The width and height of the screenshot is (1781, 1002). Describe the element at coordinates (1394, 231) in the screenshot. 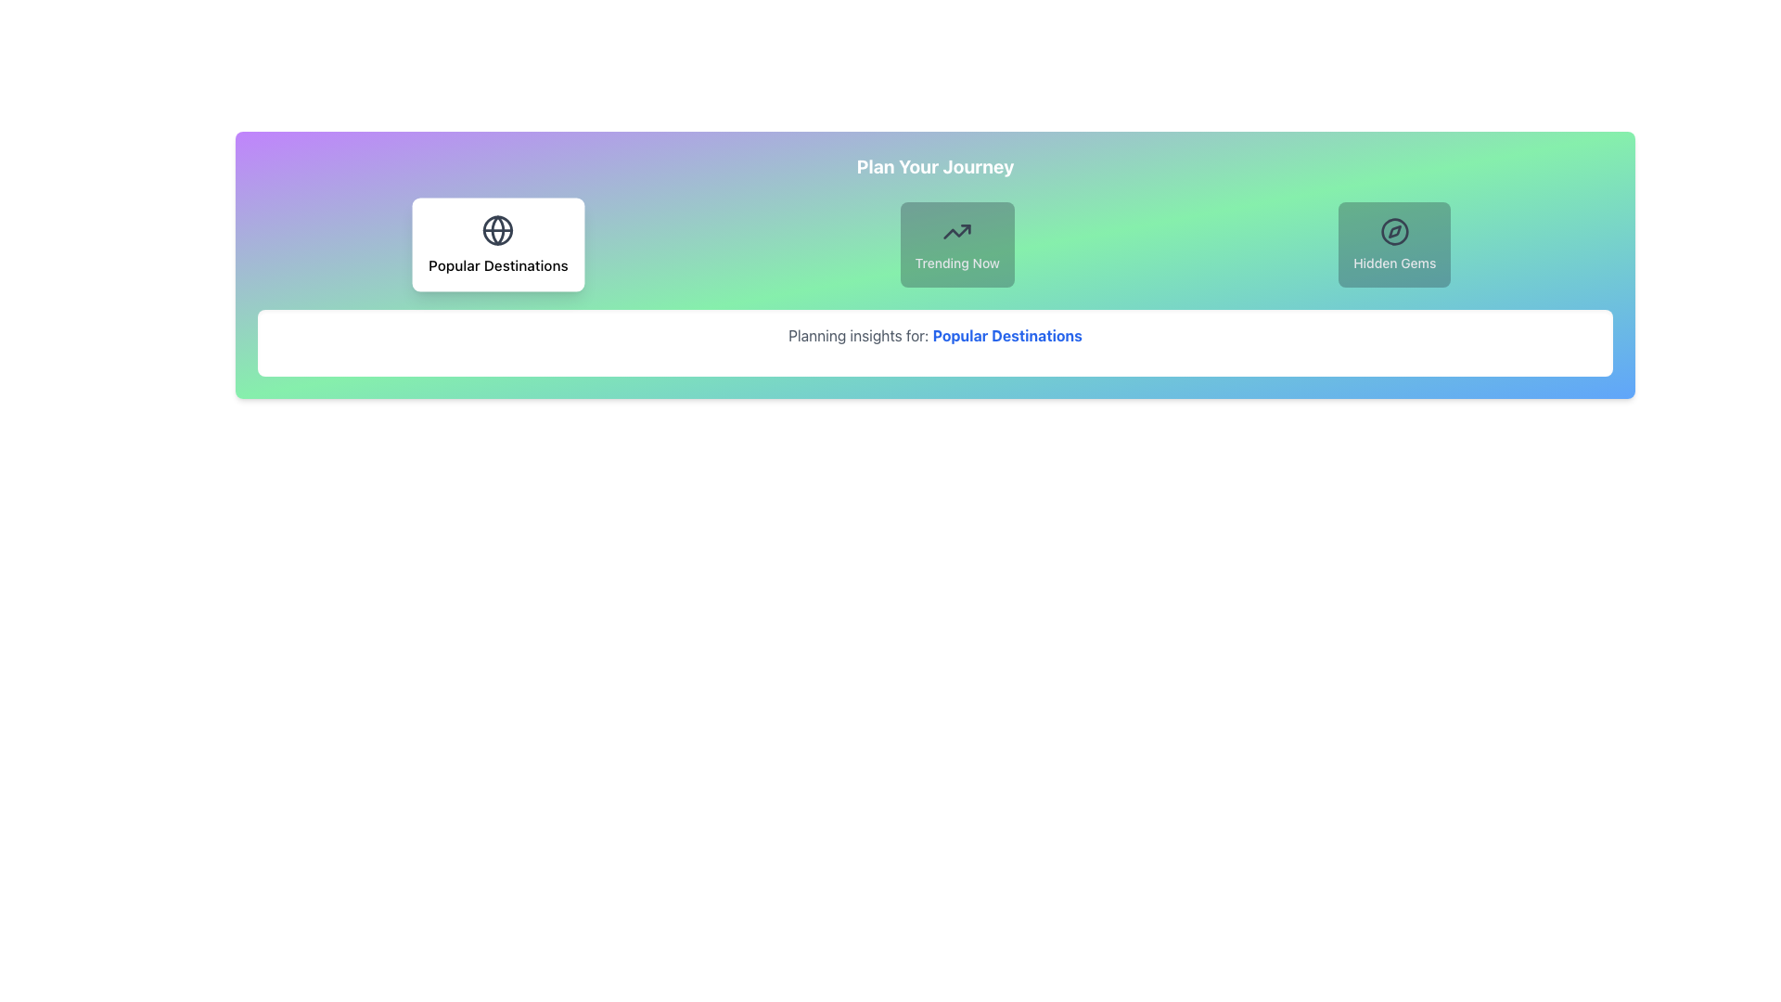

I see `the compass icon located in the 'Hidden Gems' section, which is the rightmost of three sections titled 'Popular Destinations', 'Trending Now', and 'Hidden Gems'` at that location.